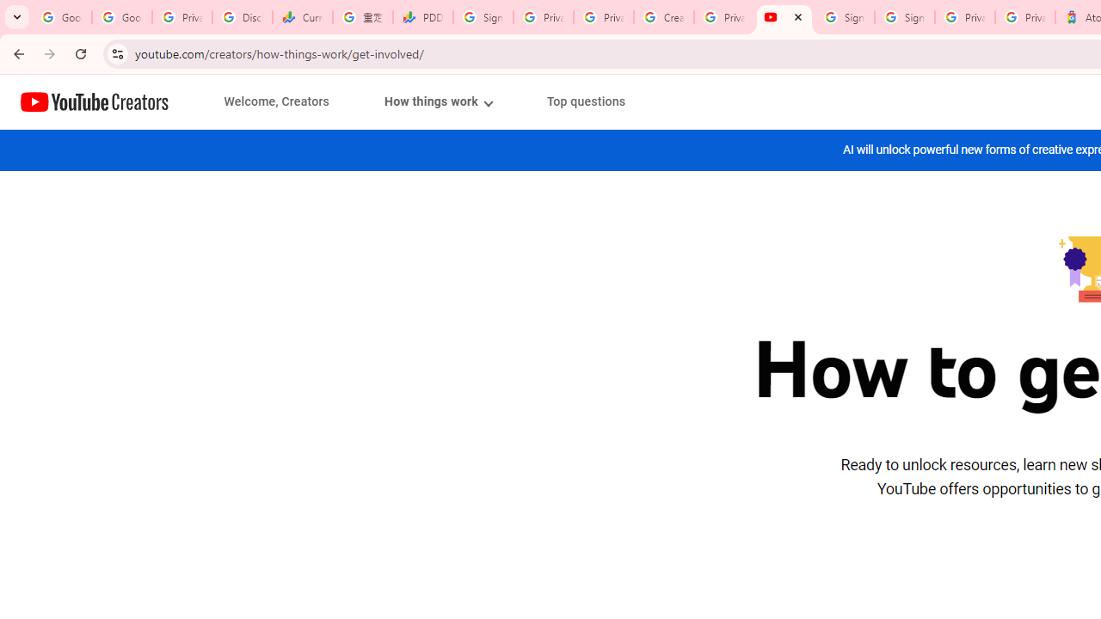 The height and width of the screenshot is (619, 1101). Describe the element at coordinates (586, 101) in the screenshot. I see `'Top questions'` at that location.